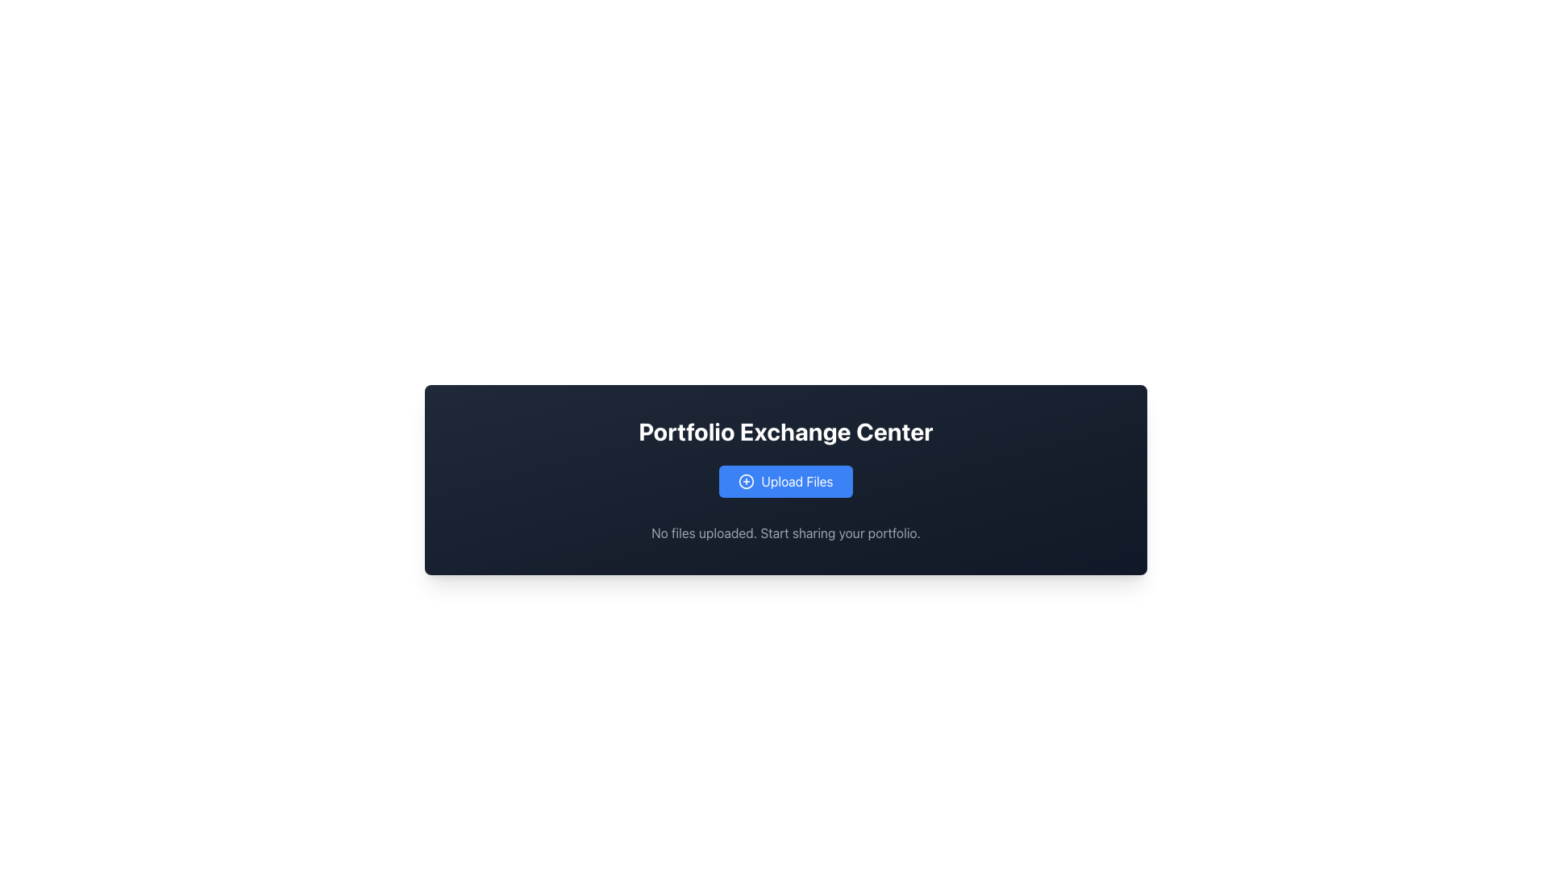 Image resolution: width=1548 pixels, height=870 pixels. Describe the element at coordinates (746, 480) in the screenshot. I see `the decorative SVG circle component that is part of the 'plus' symbol icon near the 'Upload Files' button` at that location.